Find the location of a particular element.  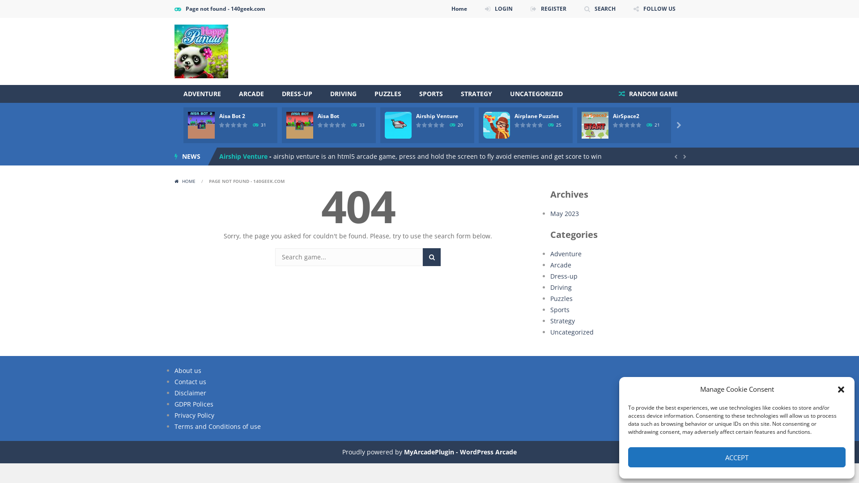

'SEARCH' is located at coordinates (578, 8).